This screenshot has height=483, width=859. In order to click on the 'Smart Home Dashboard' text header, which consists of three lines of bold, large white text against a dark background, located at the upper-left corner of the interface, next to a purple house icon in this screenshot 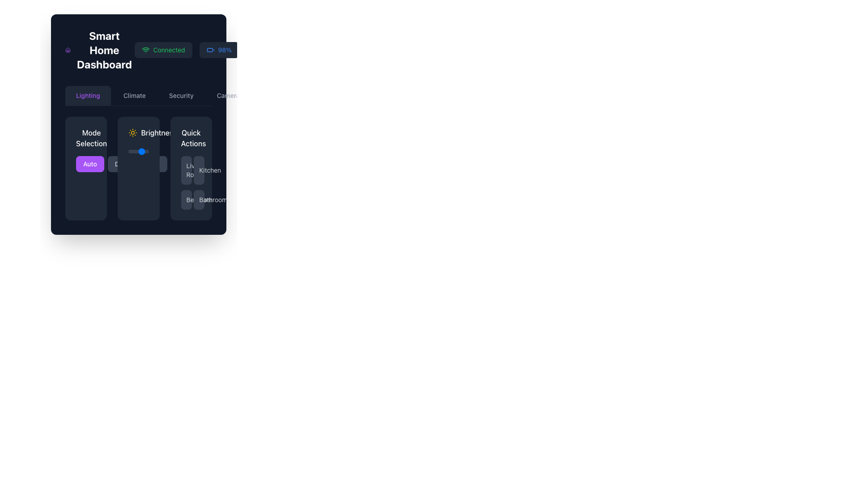, I will do `click(100, 50)`.